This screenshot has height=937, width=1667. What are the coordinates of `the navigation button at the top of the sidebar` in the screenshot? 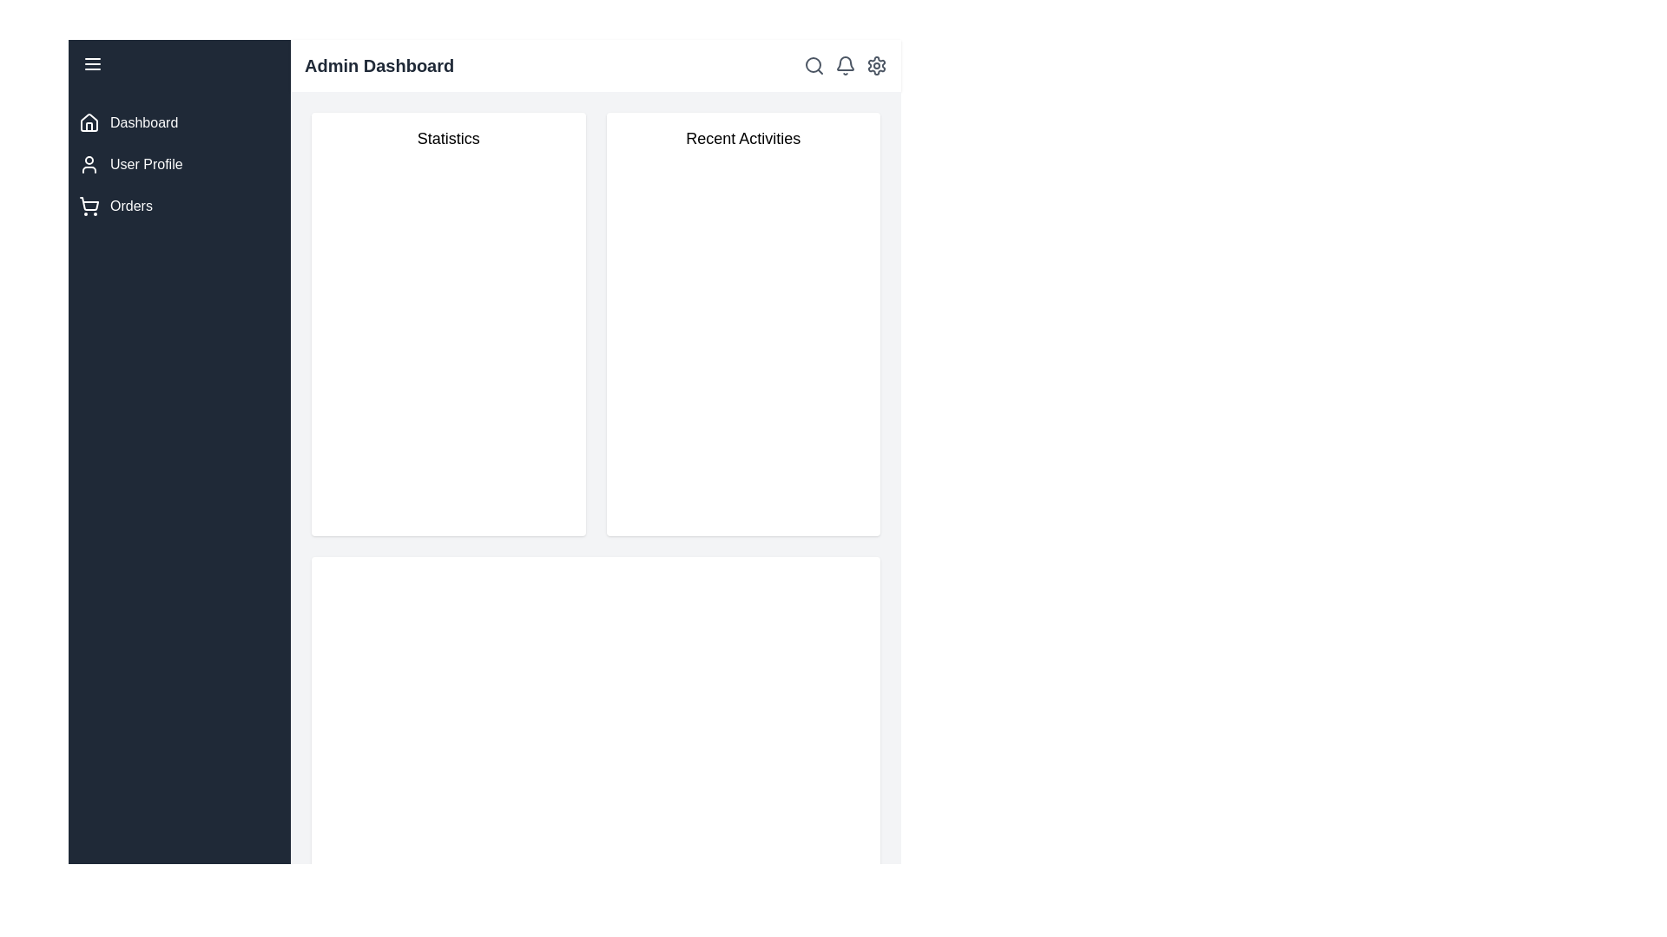 It's located at (179, 122).